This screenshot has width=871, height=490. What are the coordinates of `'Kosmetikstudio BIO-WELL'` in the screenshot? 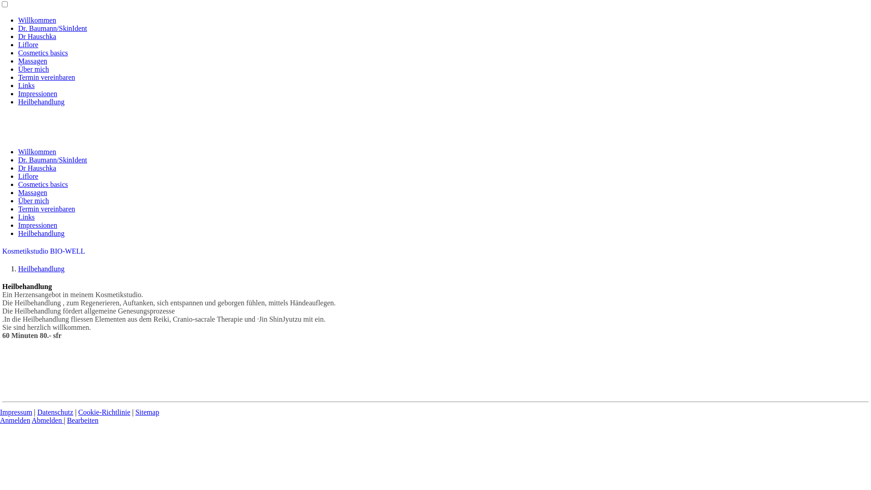 It's located at (43, 251).